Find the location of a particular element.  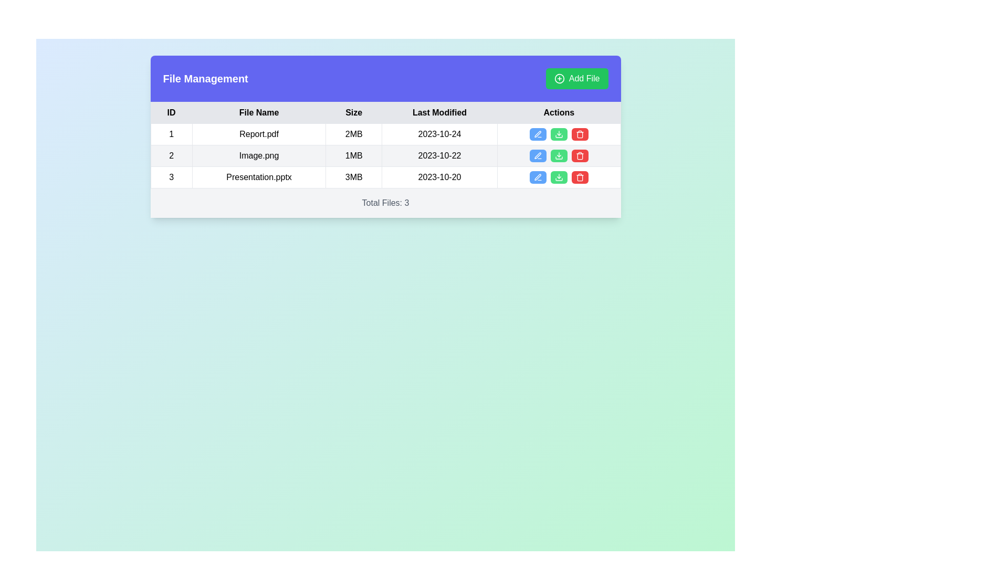

the blue circular edit icon located in the second row of the 'Actions' column for the file 'Image.png' is located at coordinates (538, 156).